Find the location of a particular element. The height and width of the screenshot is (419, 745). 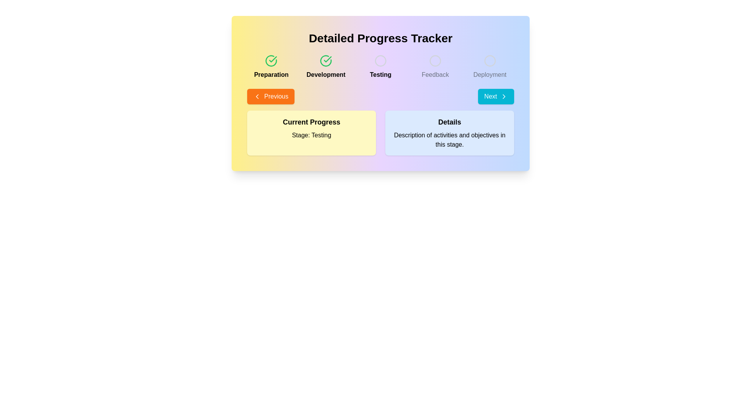

the second navigation button located at the bottom of the interface is located at coordinates (496, 96).